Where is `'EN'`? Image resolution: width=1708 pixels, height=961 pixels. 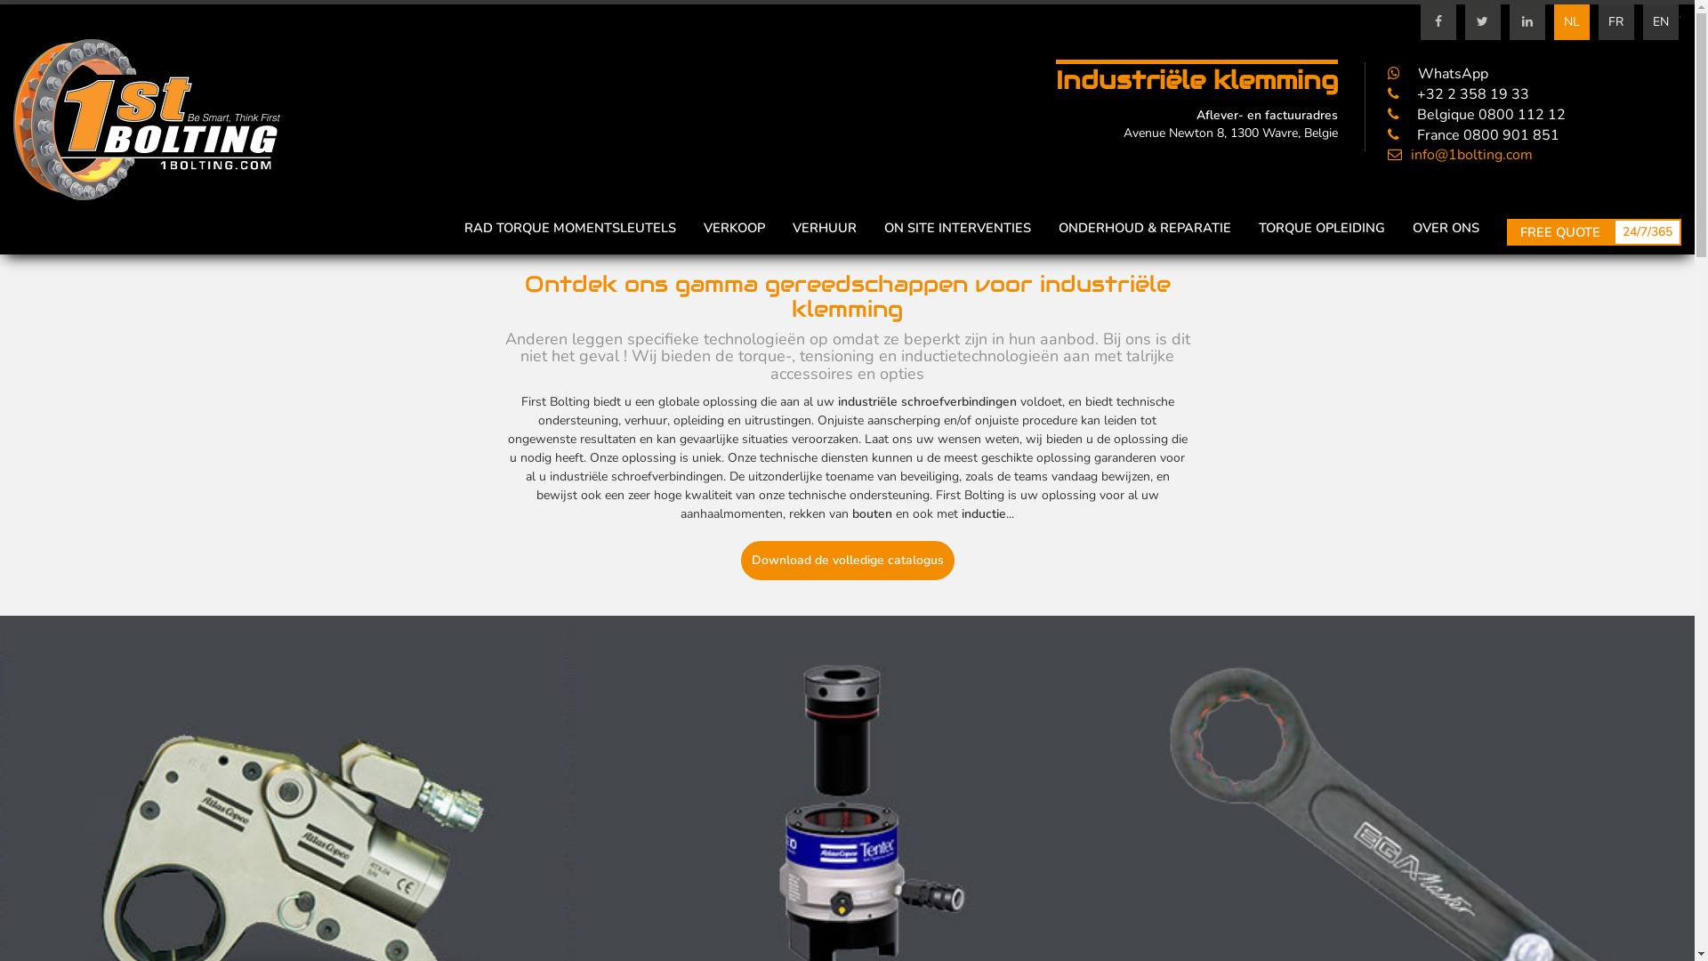 'EN' is located at coordinates (1642, 21).